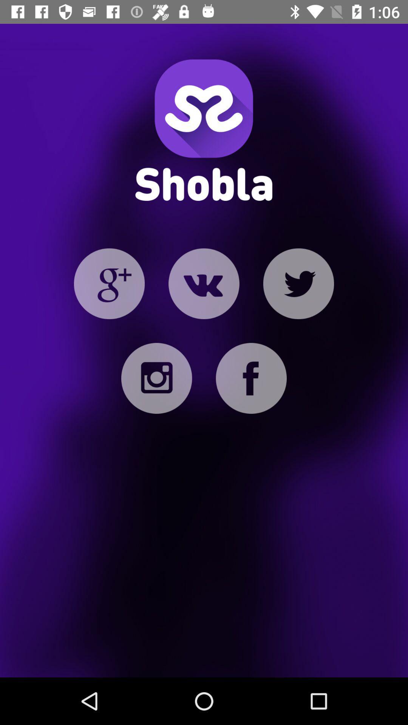 Image resolution: width=408 pixels, height=725 pixels. I want to click on twitter, so click(298, 283).